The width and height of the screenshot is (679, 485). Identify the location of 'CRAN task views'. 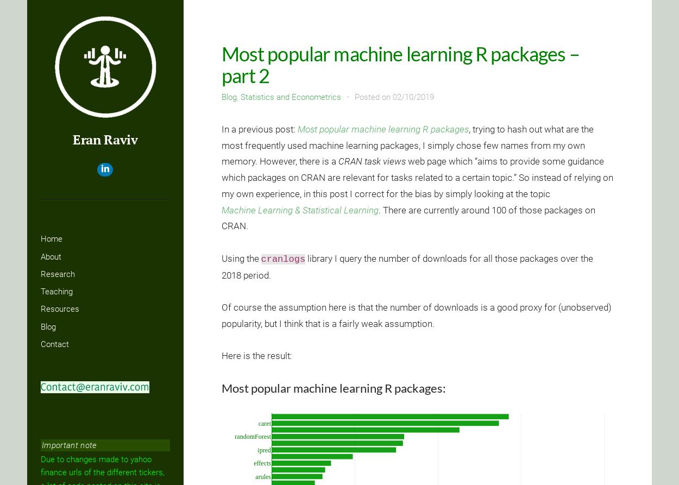
(372, 161).